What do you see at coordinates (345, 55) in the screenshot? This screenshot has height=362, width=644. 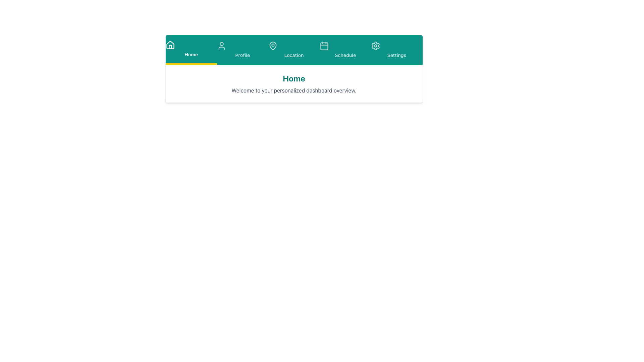 I see `text 'Schedule' from the Text Label in the navigation bar, which is styled in bold sans-serif font and is the fourth item after 'Home', 'Profile', and 'Location'` at bounding box center [345, 55].